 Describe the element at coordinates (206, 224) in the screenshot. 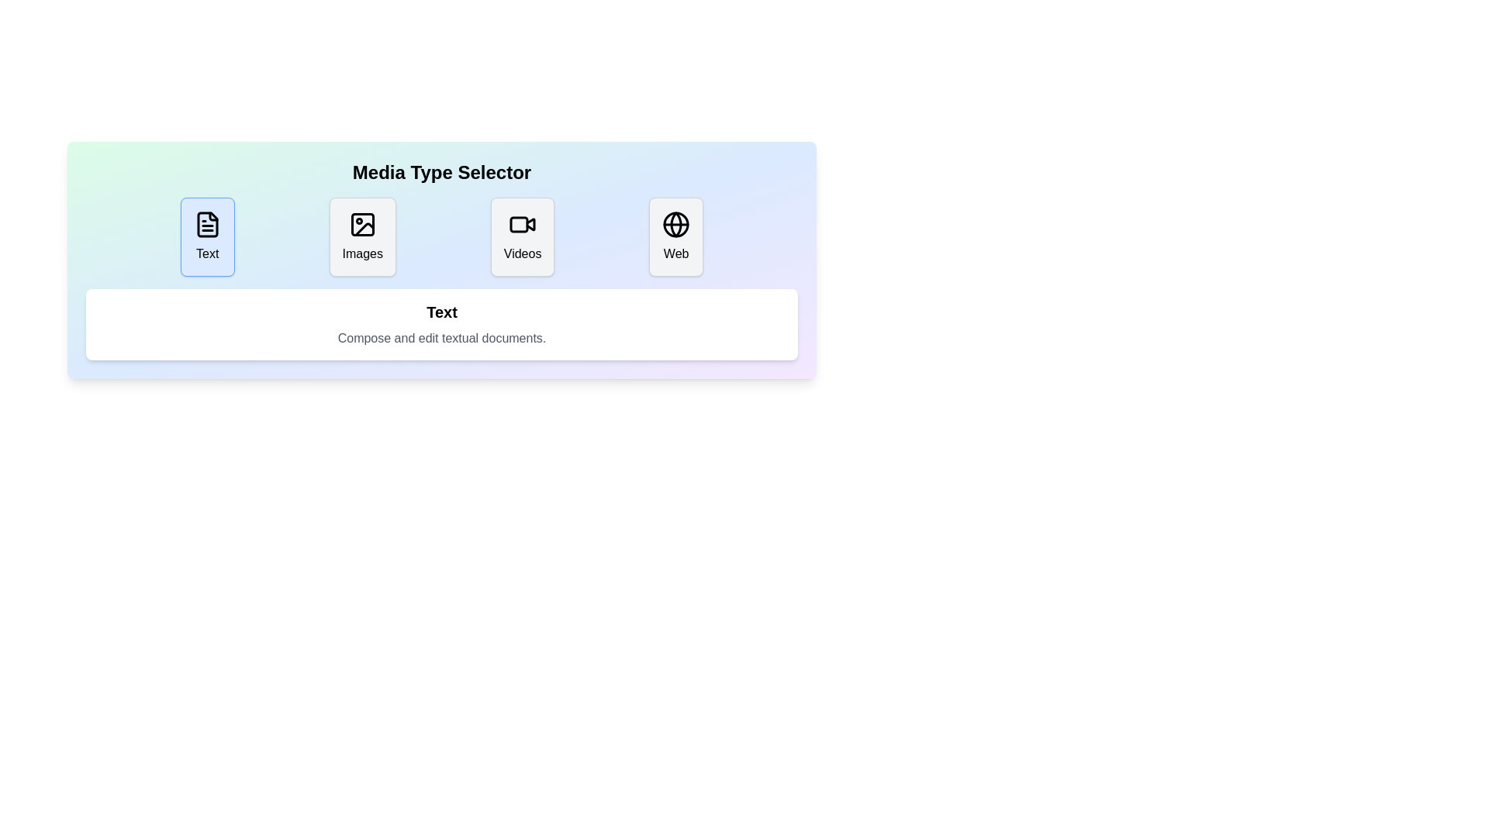

I see `the document icon, which is an SVG-based vector graphic with a black outline and a transparent background, located within the leftmost button of a horizontally aligned set of four buttons` at that location.